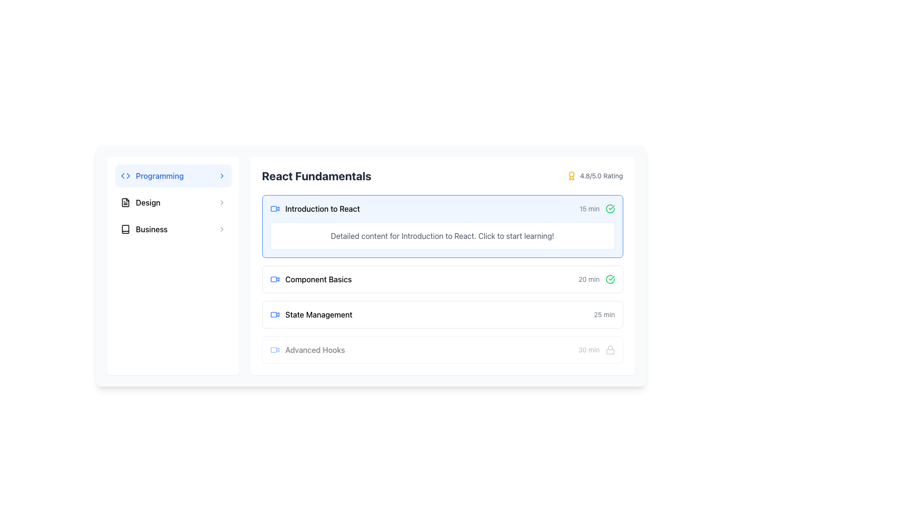  What do you see at coordinates (442, 350) in the screenshot?
I see `the lock status of the fourth list item labeled 'Advanced Hooks' in the 'React Fundamentals' section, which is indicated by a lock icon` at bounding box center [442, 350].